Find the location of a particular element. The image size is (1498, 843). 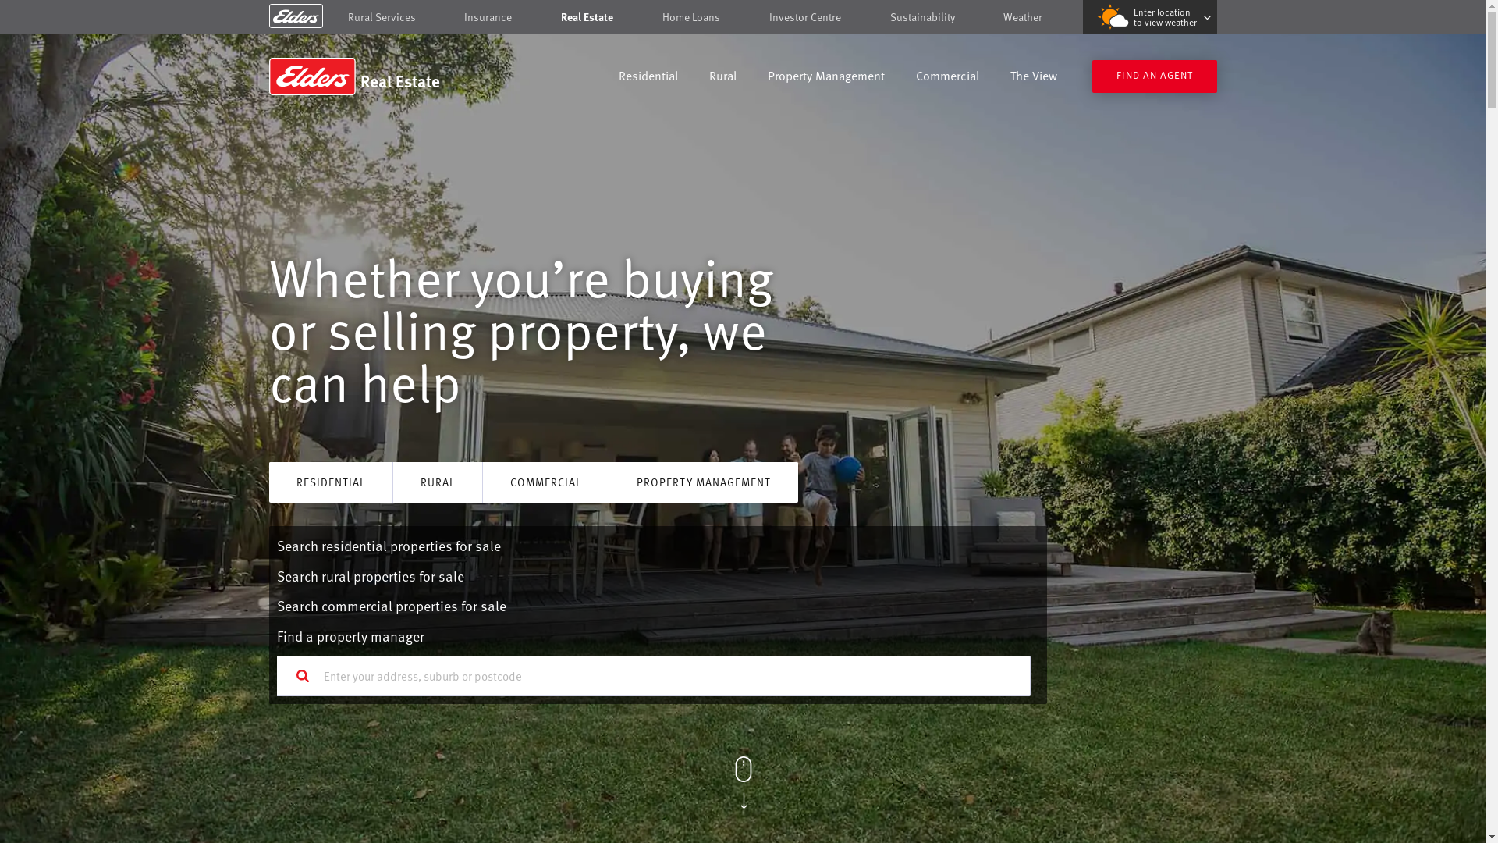

'Enter location to view weather' is located at coordinates (1149, 16).